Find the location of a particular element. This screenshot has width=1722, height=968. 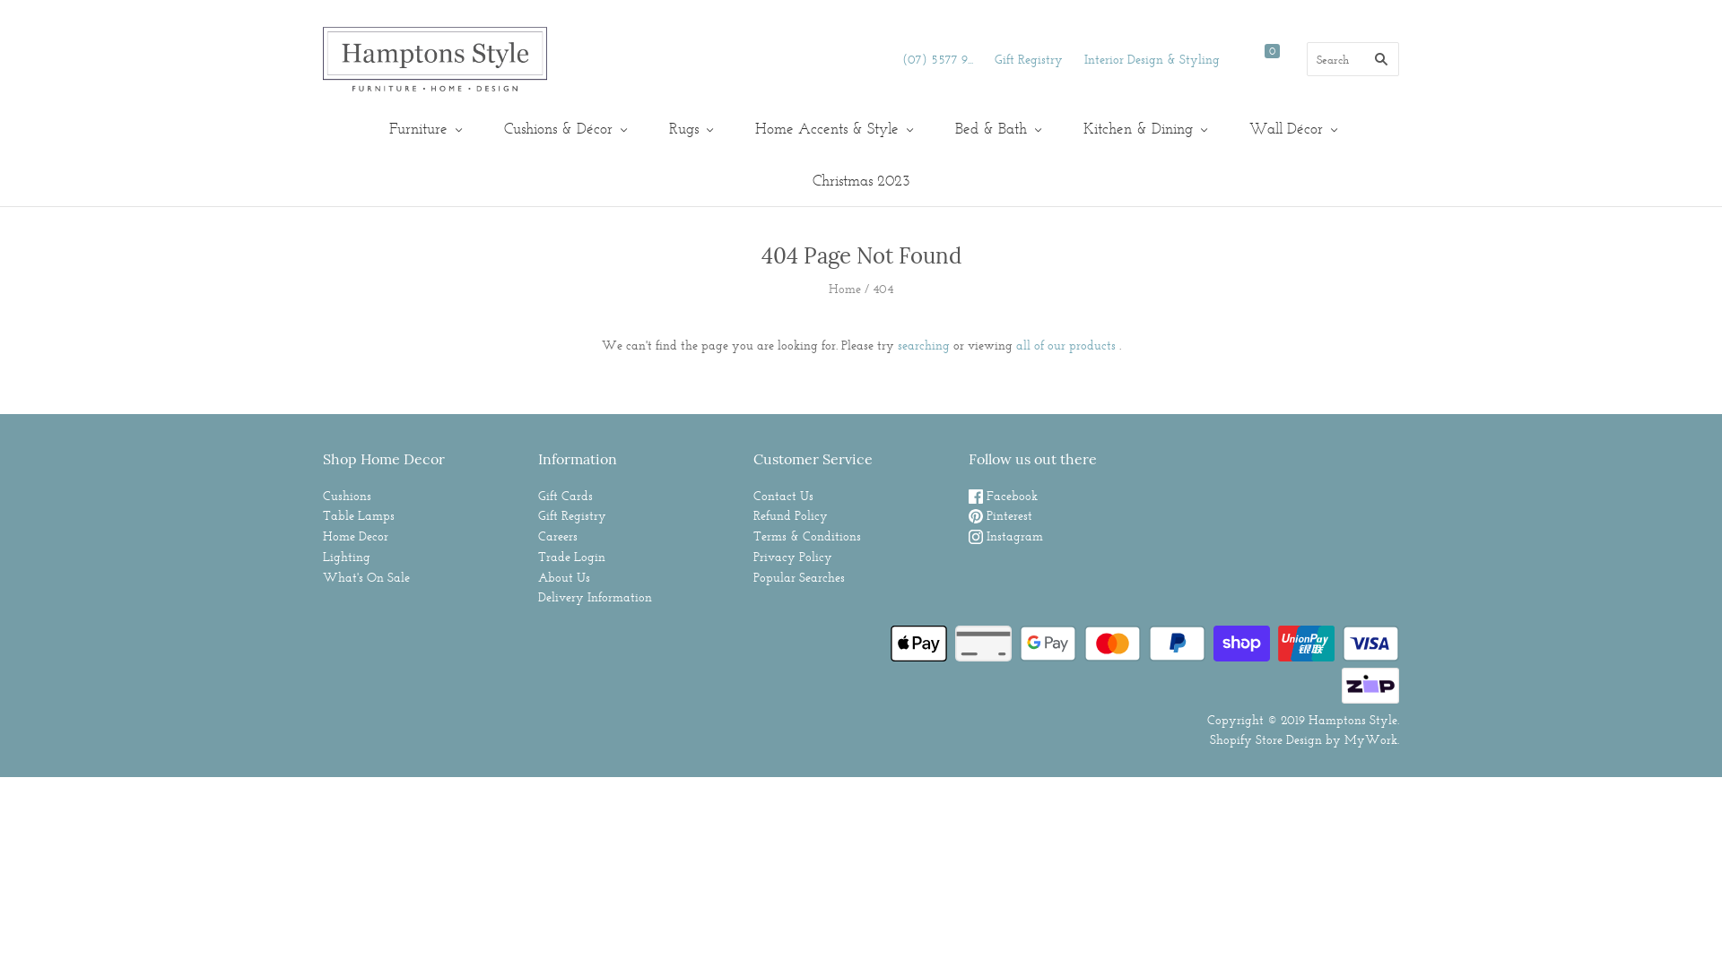

'Instagram' is located at coordinates (1005, 534).